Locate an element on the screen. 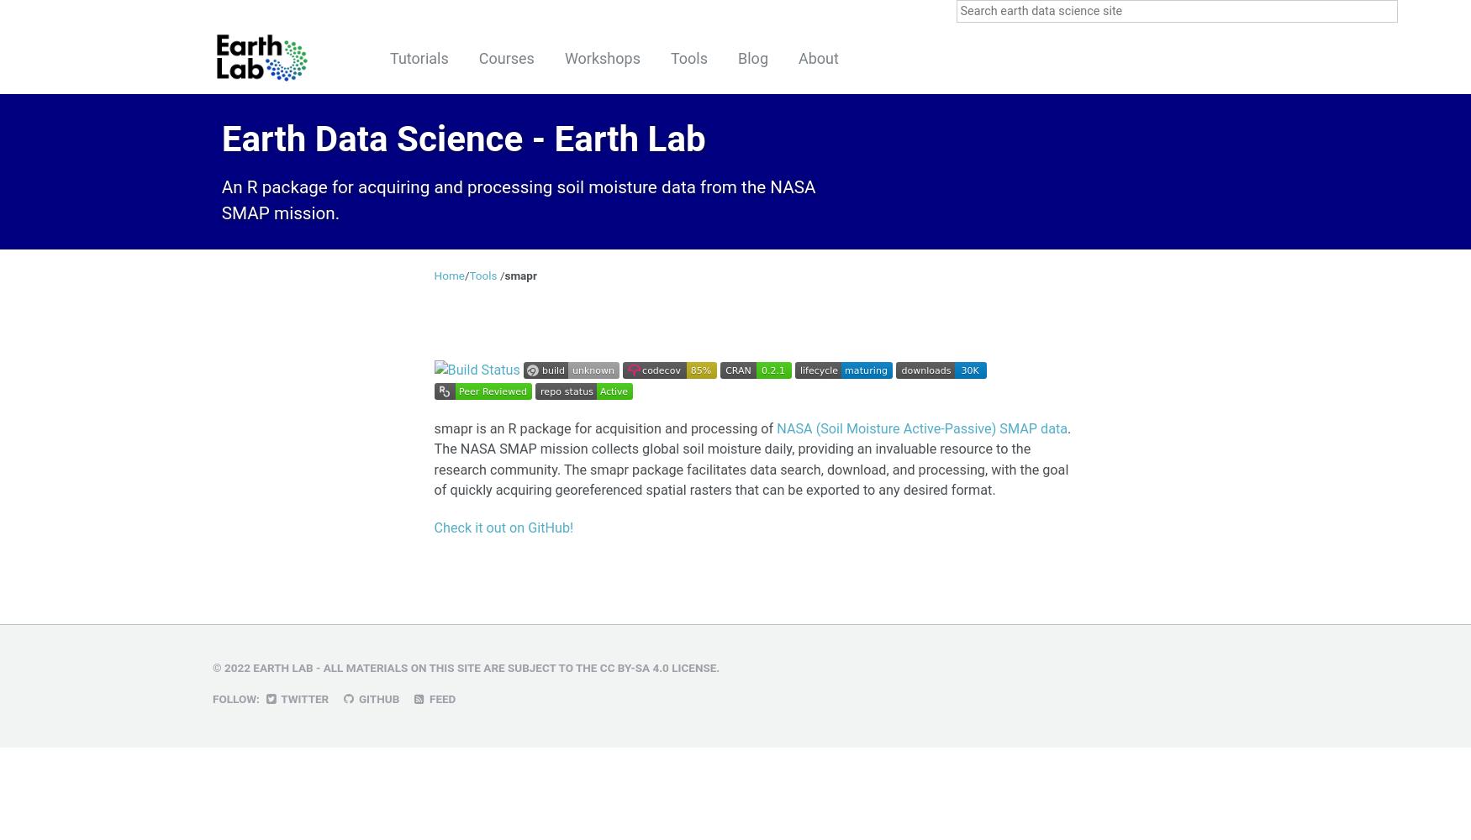 The width and height of the screenshot is (1471, 840). 'An R package for acquiring and processing soil moisture data from the NASA SMAP mission.' is located at coordinates (220, 198).